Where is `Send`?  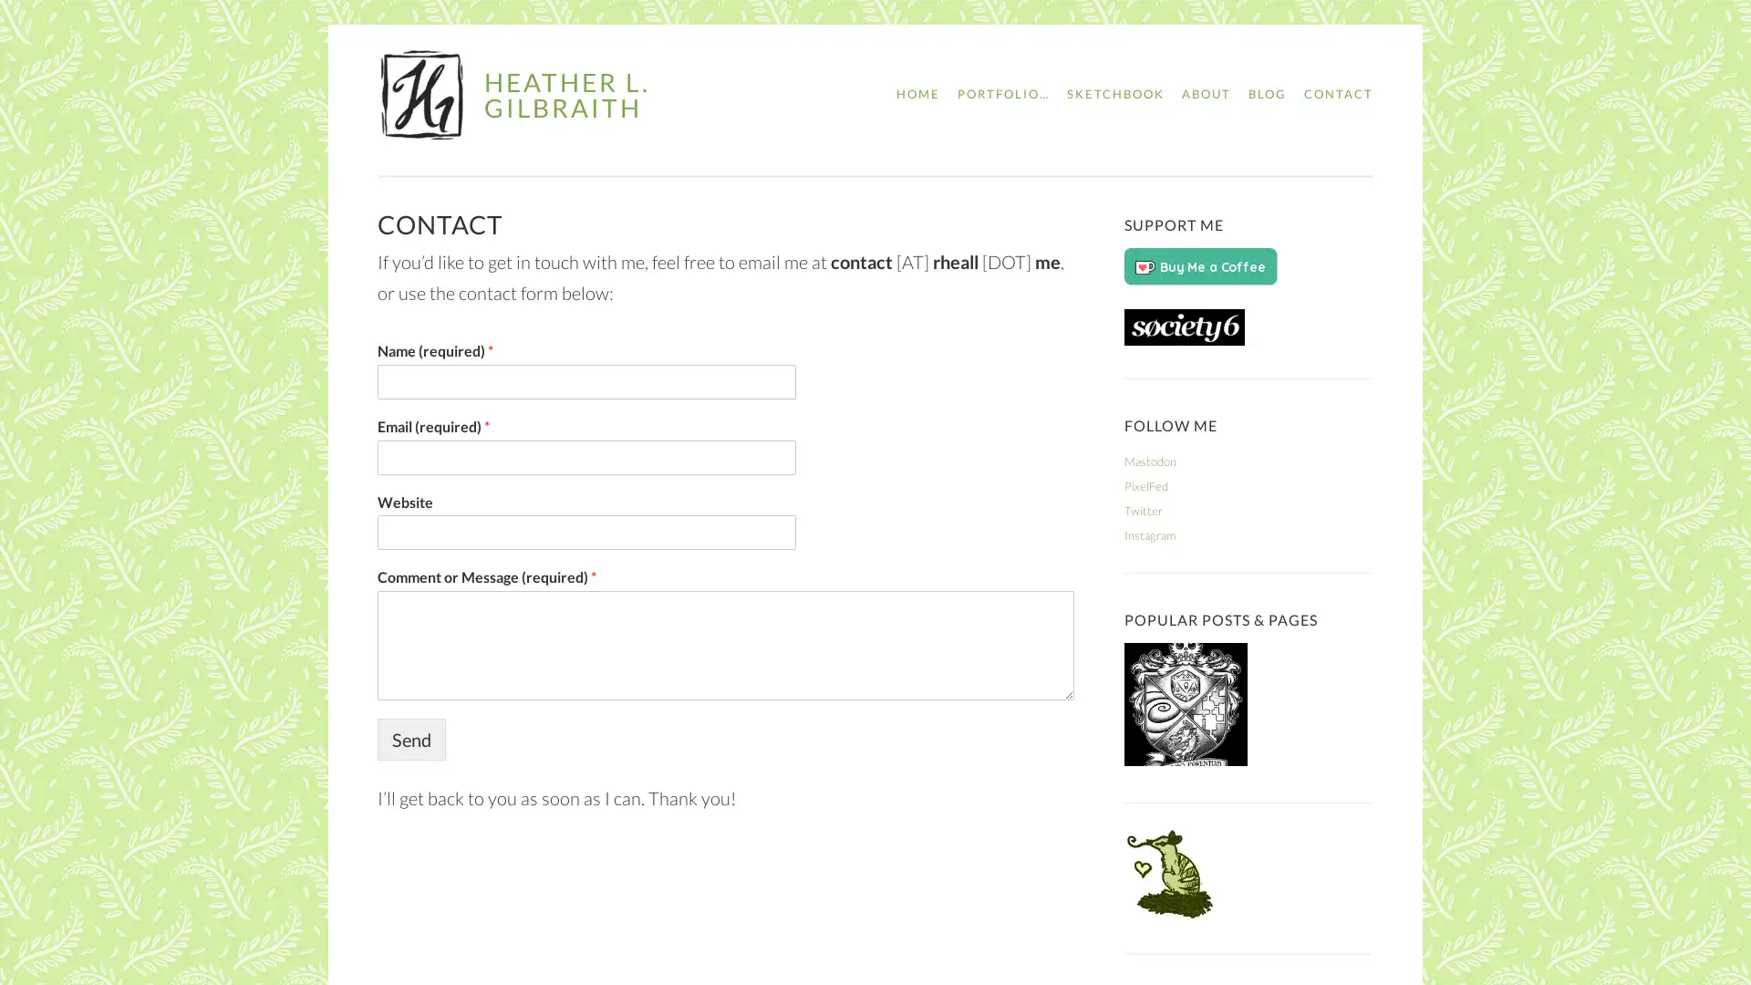 Send is located at coordinates (410, 739).